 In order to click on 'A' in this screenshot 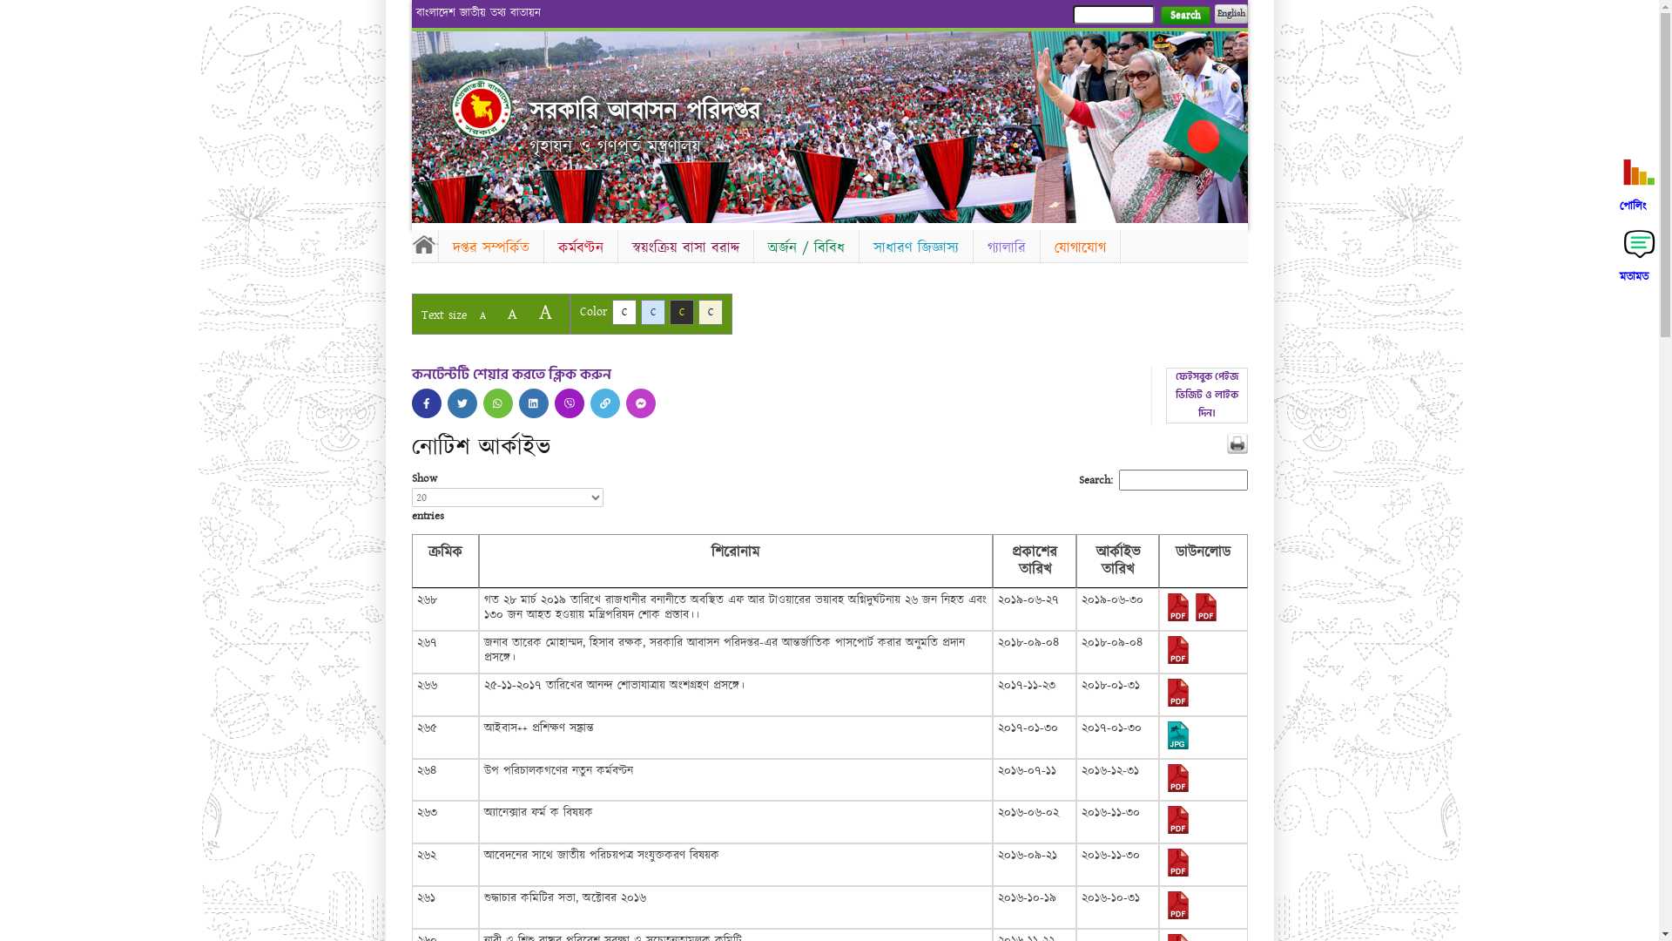, I will do `click(482, 315)`.